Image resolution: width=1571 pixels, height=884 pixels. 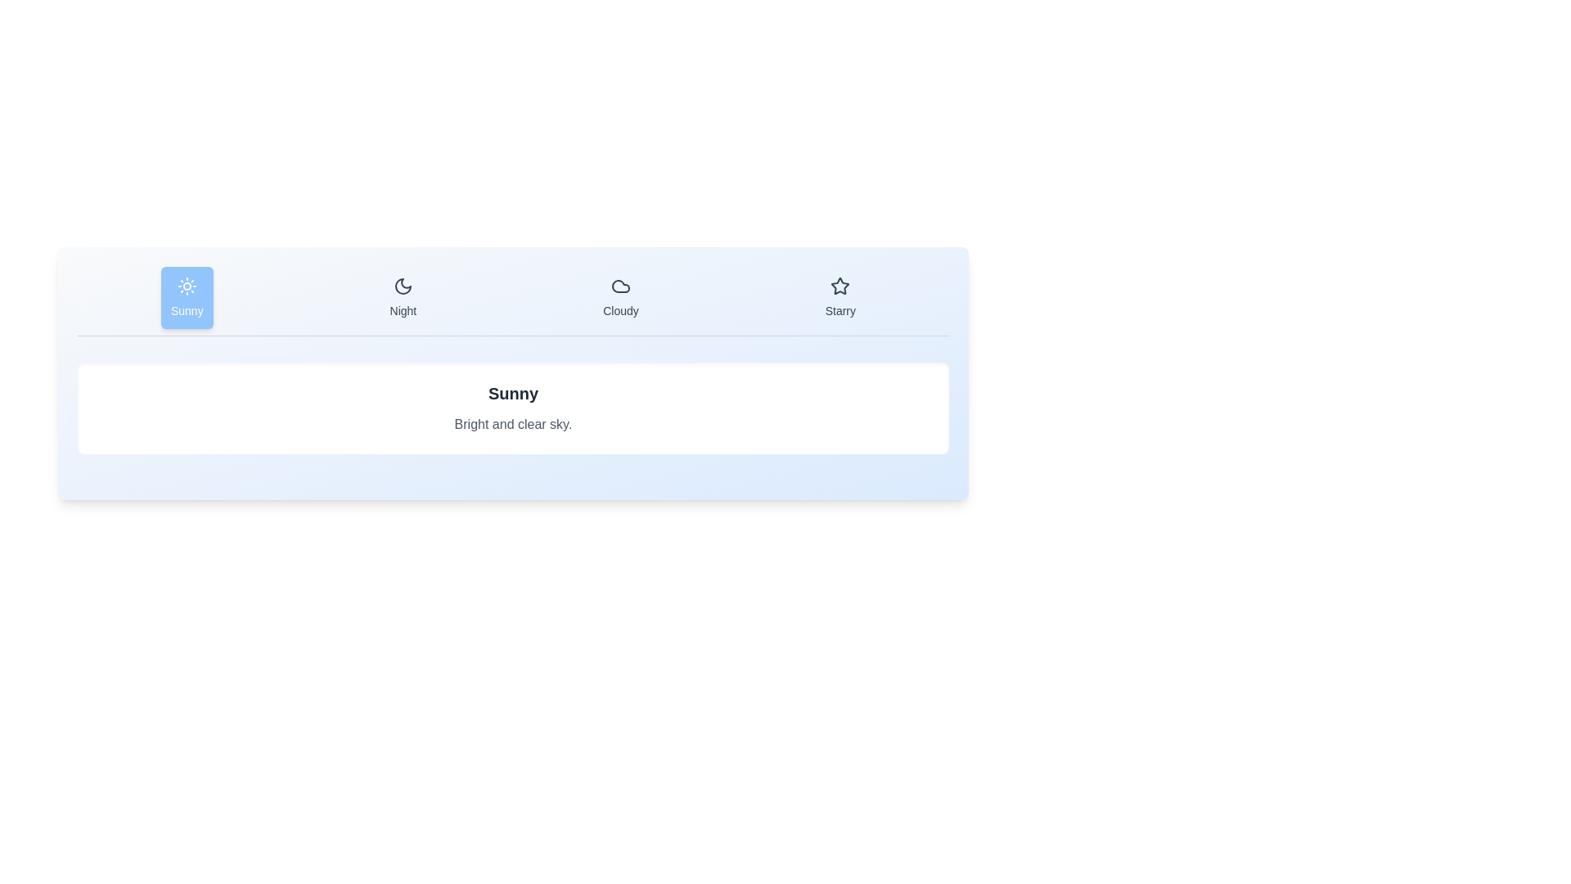 What do you see at coordinates (619, 297) in the screenshot?
I see `the weather condition tab labeled 'Cloudy' to view its description` at bounding box center [619, 297].